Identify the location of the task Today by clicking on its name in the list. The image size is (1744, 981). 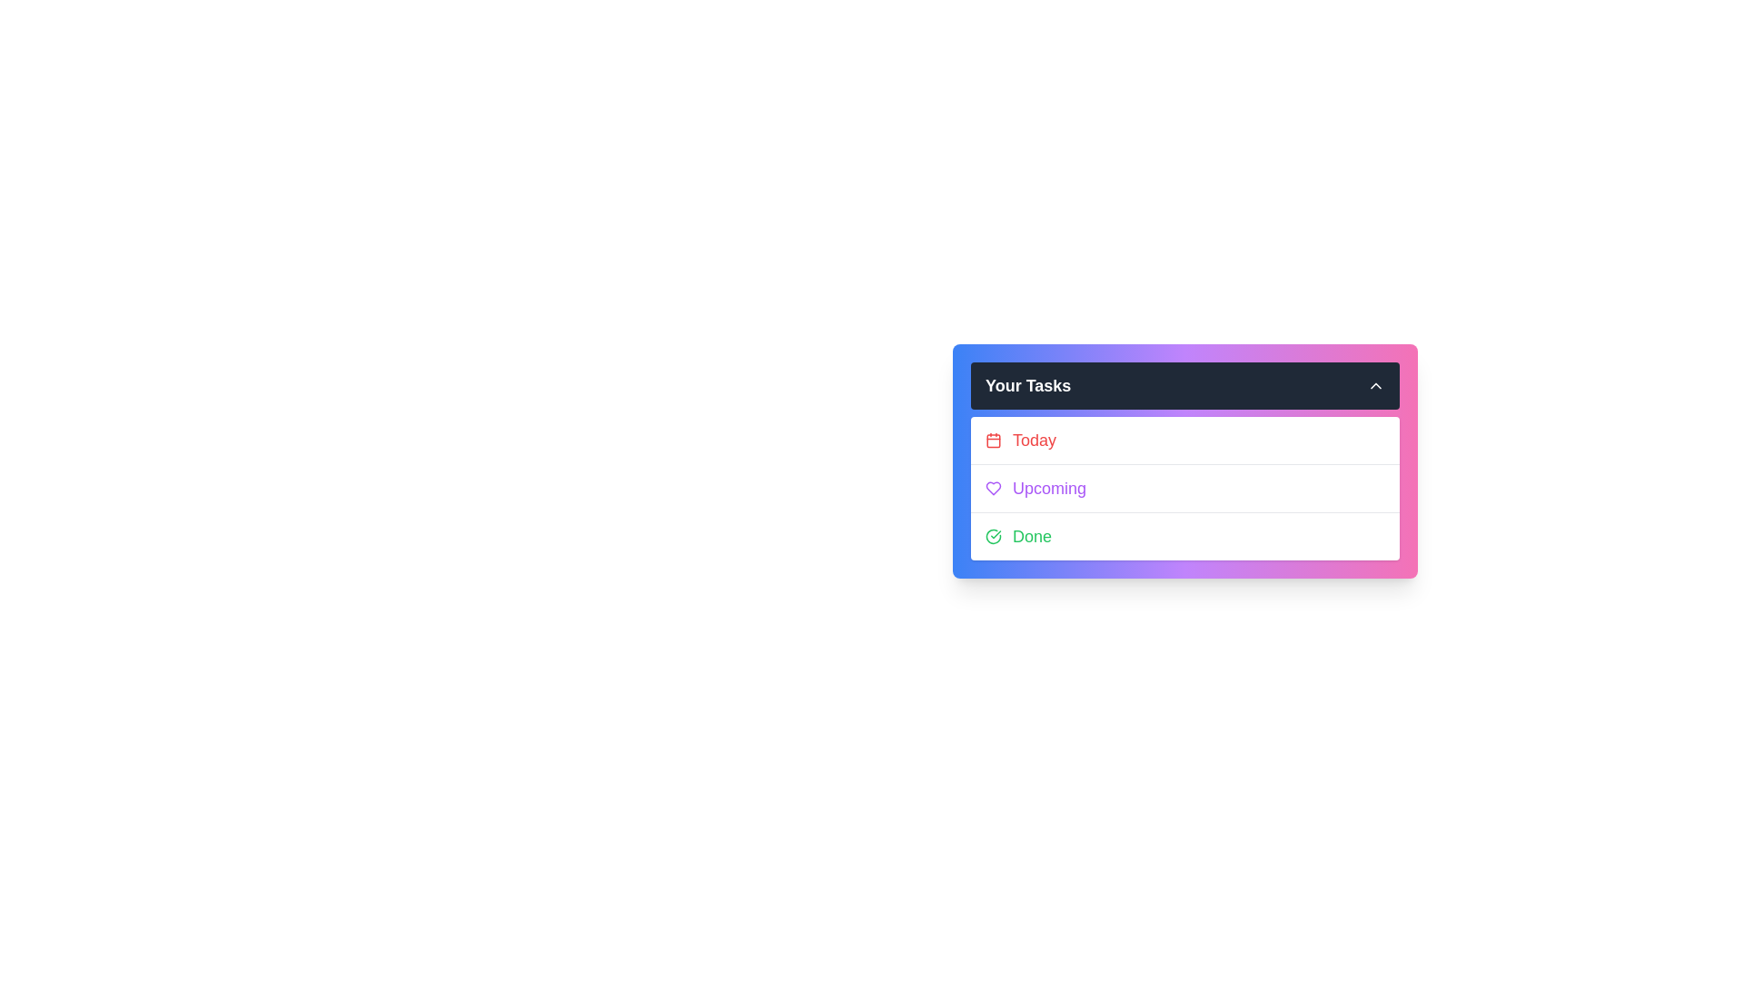
(1185, 441).